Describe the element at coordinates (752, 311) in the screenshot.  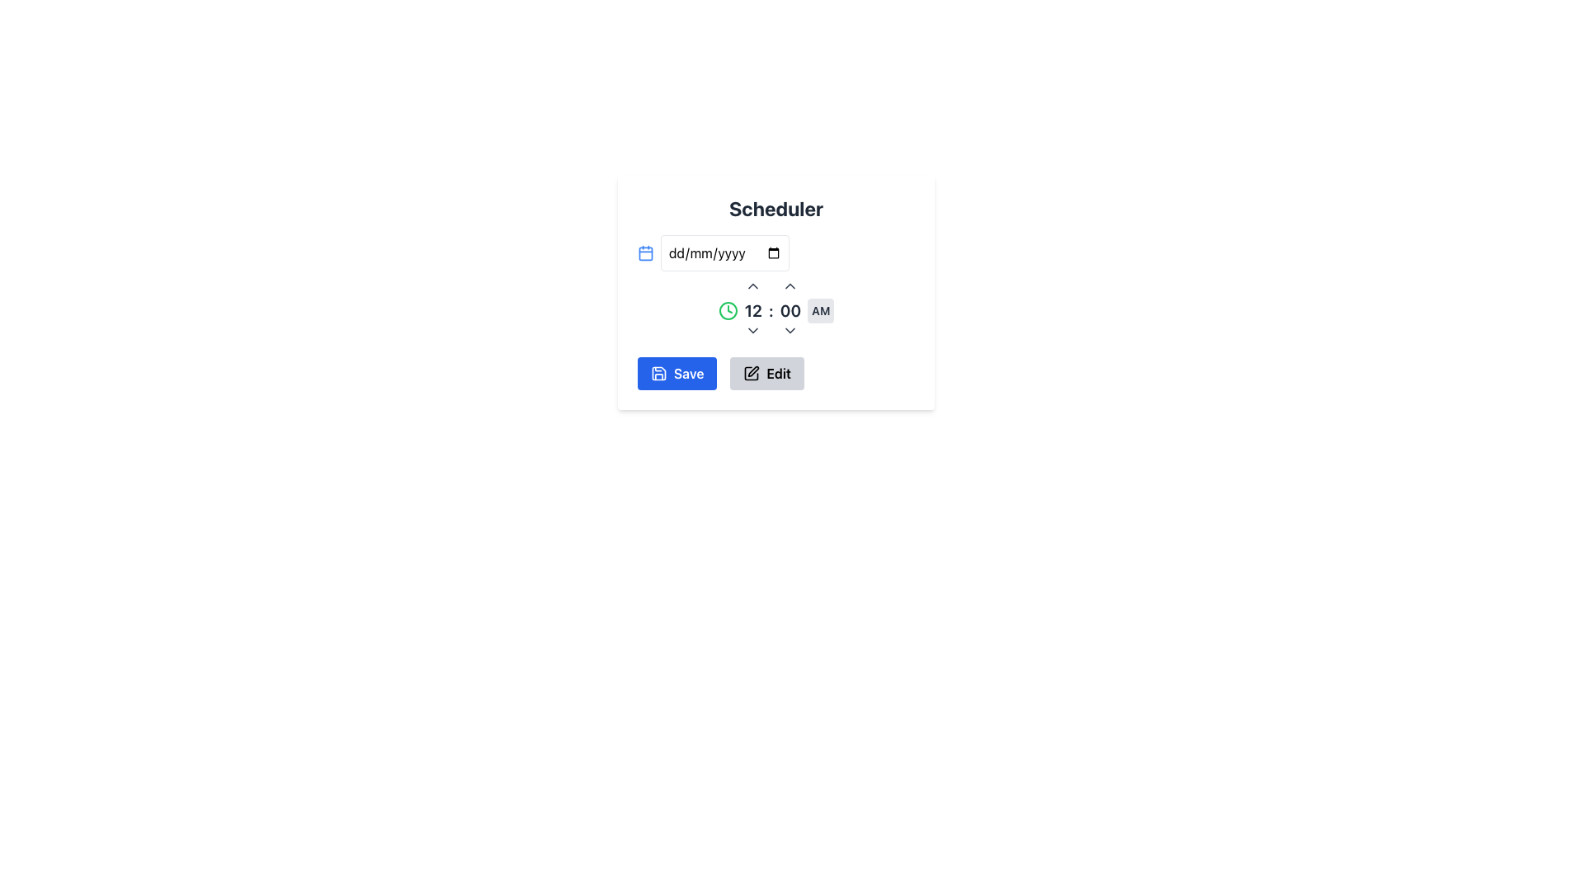
I see `value displayed in the bold '12' label, which is part of the time selection interface for selecting a time` at that location.